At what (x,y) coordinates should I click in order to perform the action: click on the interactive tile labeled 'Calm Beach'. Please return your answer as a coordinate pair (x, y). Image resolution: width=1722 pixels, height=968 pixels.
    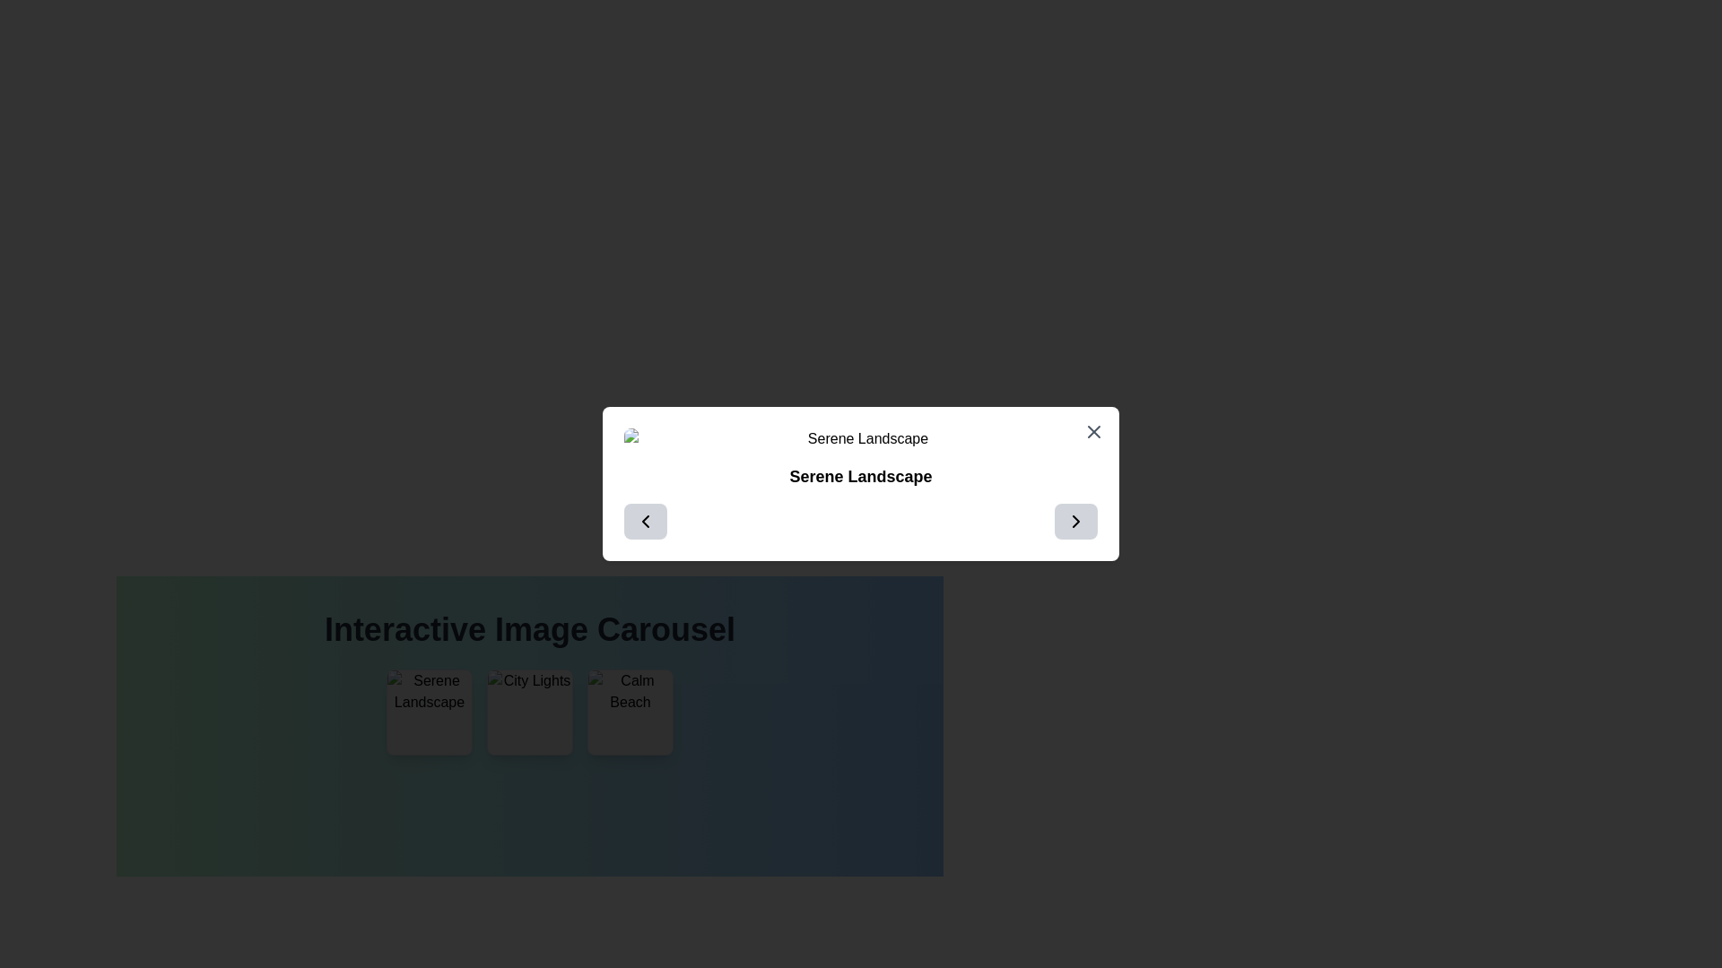
    Looking at the image, I should click on (630, 711).